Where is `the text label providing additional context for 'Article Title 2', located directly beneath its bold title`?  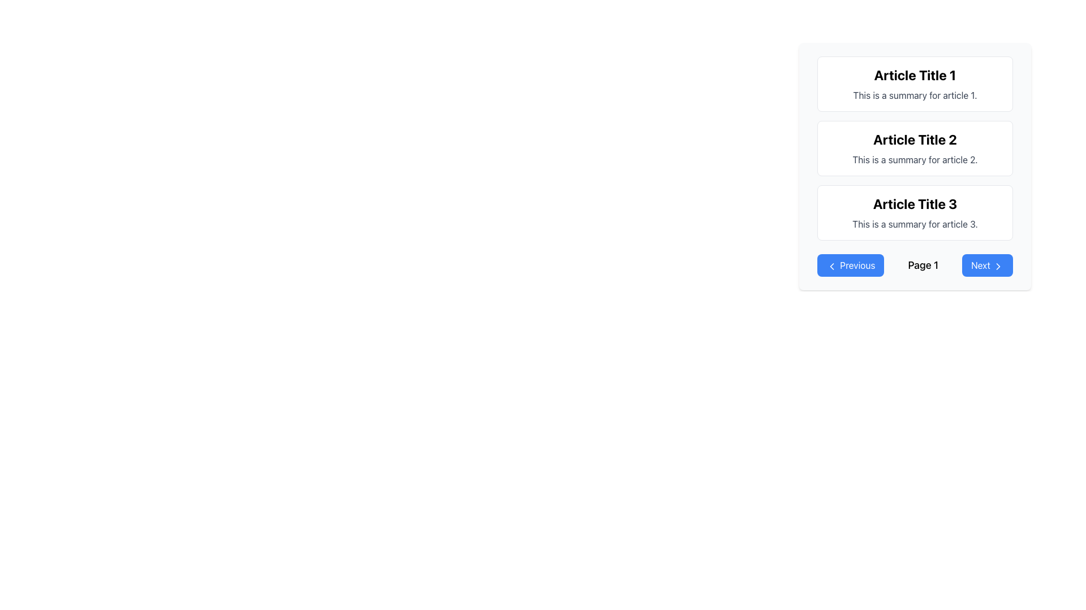
the text label providing additional context for 'Article Title 2', located directly beneath its bold title is located at coordinates (915, 159).